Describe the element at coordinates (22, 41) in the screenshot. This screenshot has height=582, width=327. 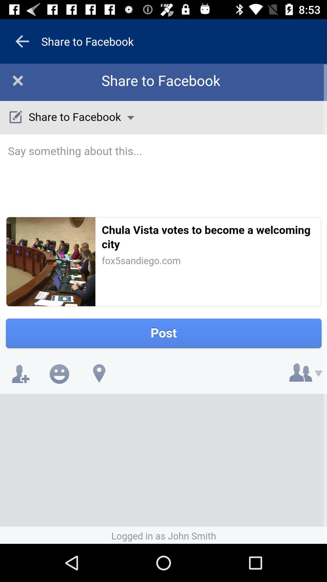
I see `back button` at that location.